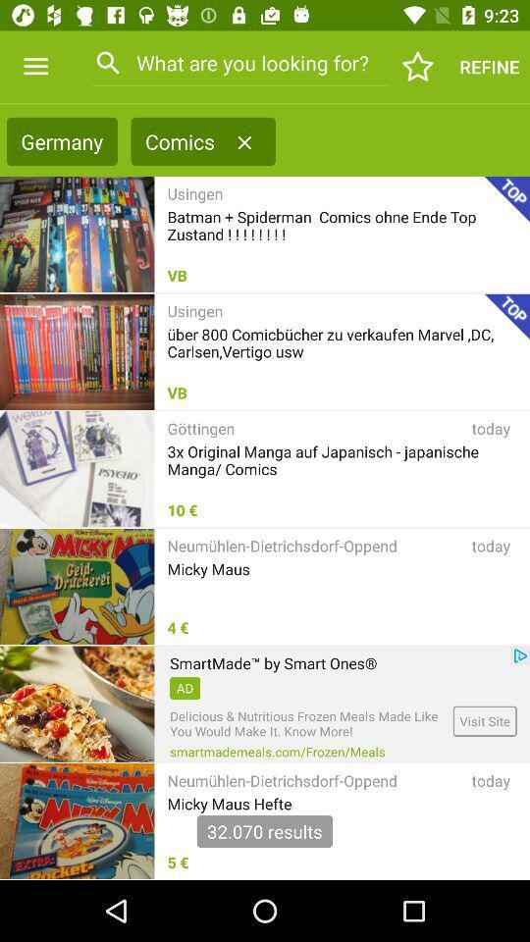 Image resolution: width=530 pixels, height=942 pixels. What do you see at coordinates (244, 141) in the screenshot?
I see `icon above usingen item` at bounding box center [244, 141].